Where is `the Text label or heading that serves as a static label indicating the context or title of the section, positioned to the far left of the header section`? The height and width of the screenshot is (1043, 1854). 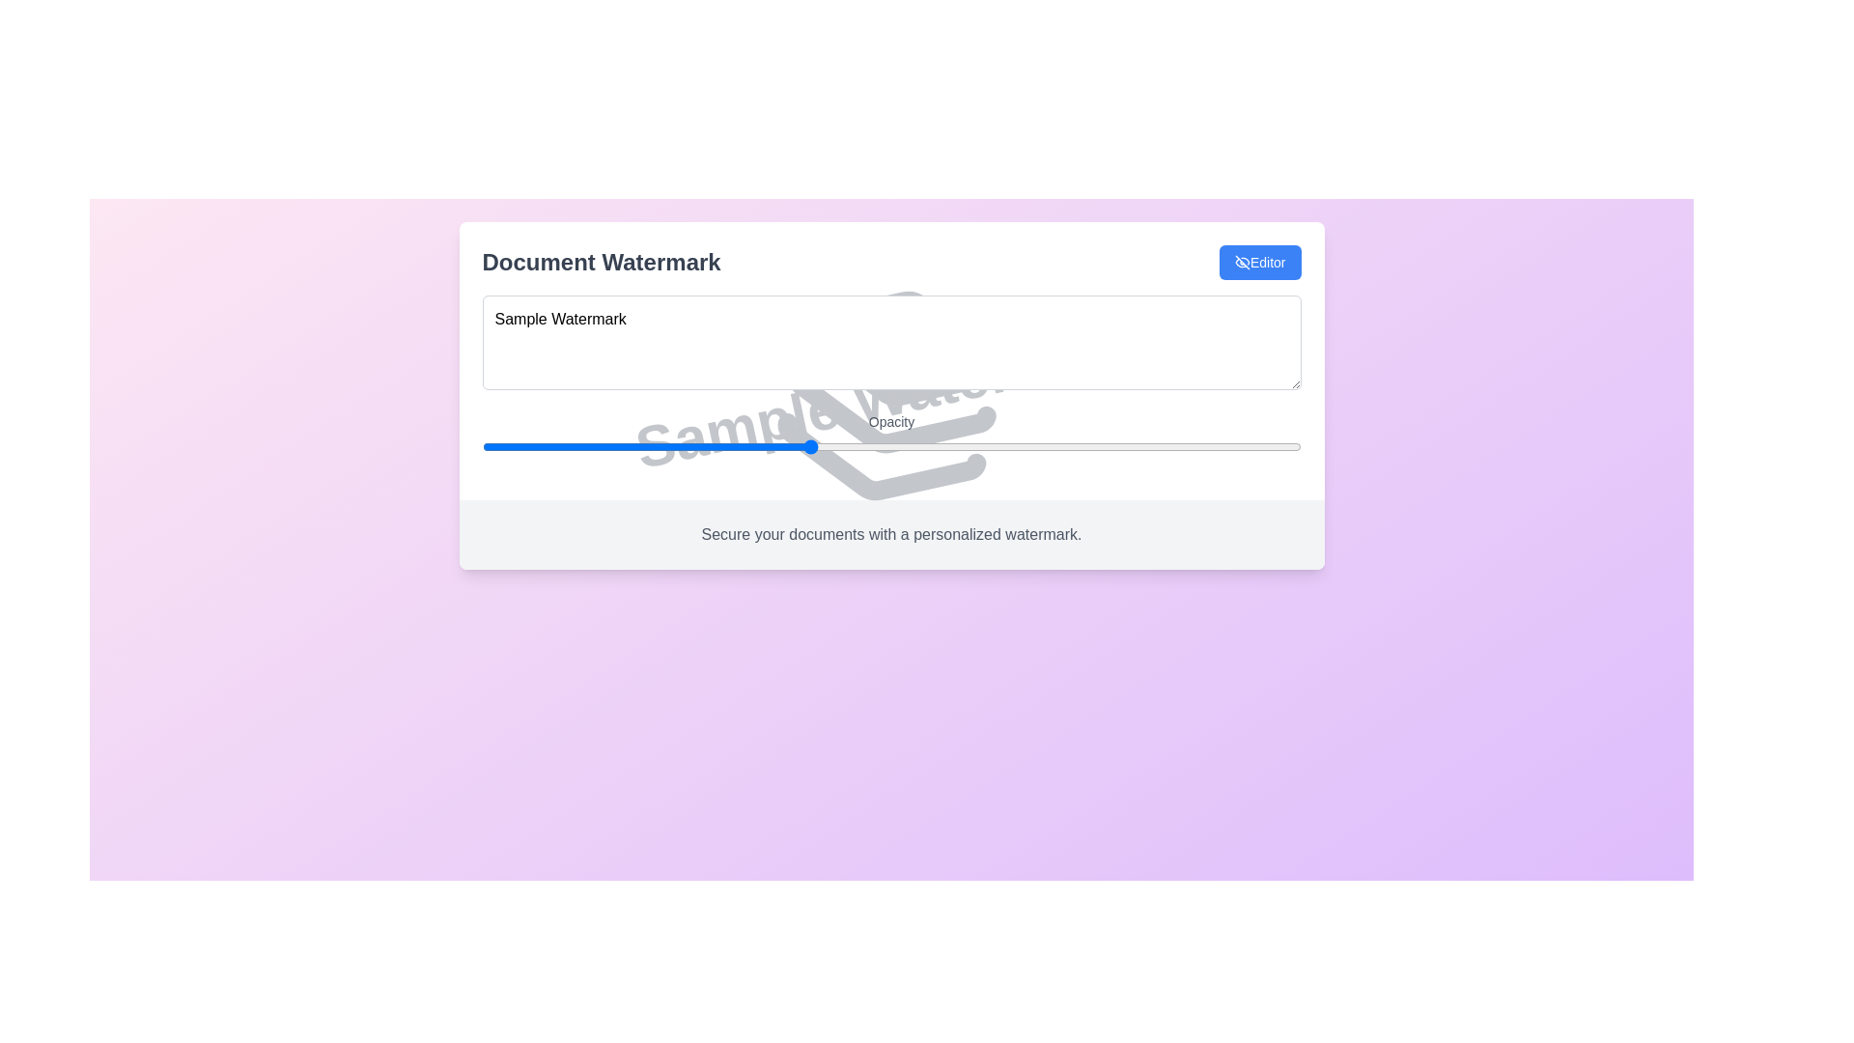 the Text label or heading that serves as a static label indicating the context or title of the section, positioned to the far left of the header section is located at coordinates (601, 263).